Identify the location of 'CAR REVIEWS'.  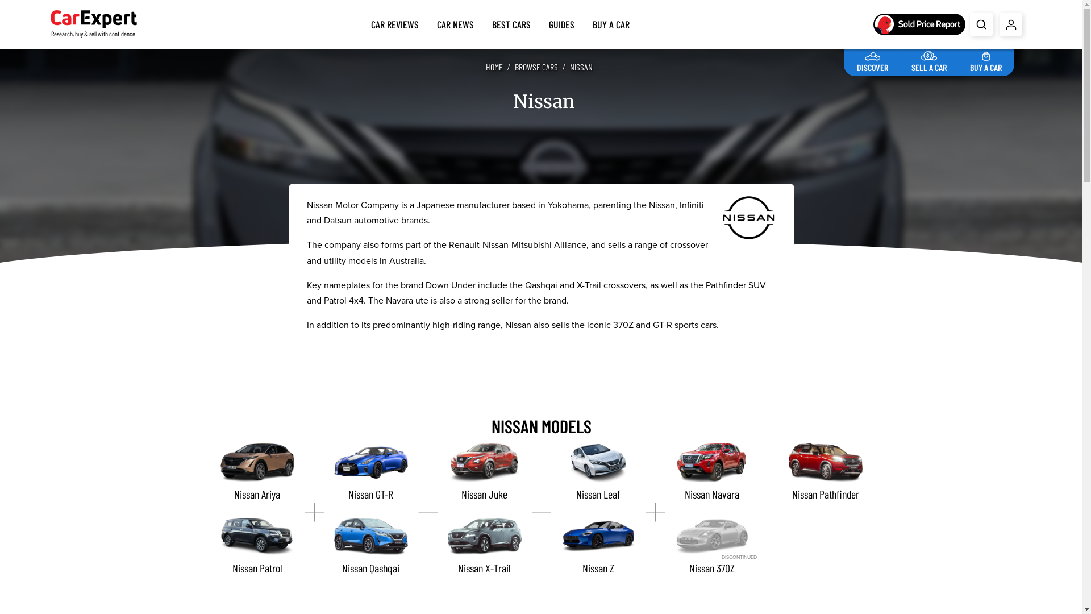
(395, 22).